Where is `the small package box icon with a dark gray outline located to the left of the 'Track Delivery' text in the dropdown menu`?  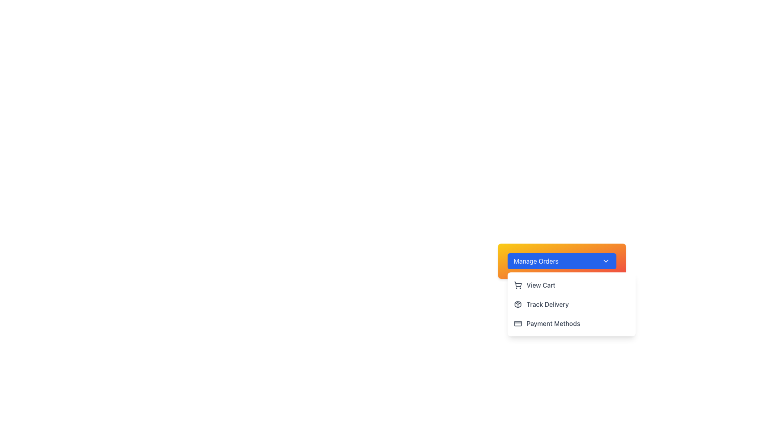 the small package box icon with a dark gray outline located to the left of the 'Track Delivery' text in the dropdown menu is located at coordinates (518, 304).